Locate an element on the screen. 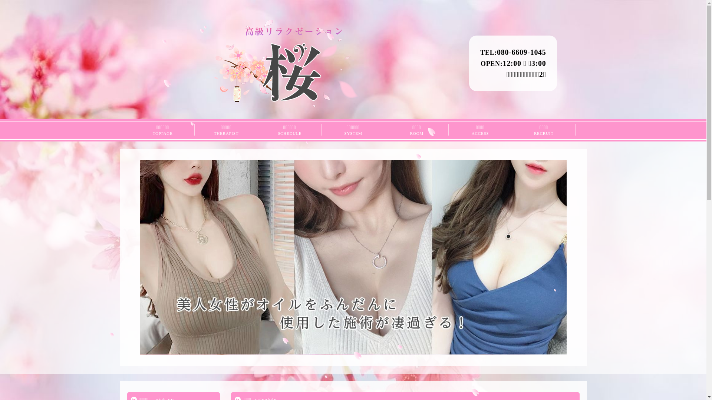 This screenshot has height=400, width=712. 'TEL:080-6609-1045' is located at coordinates (512, 52).